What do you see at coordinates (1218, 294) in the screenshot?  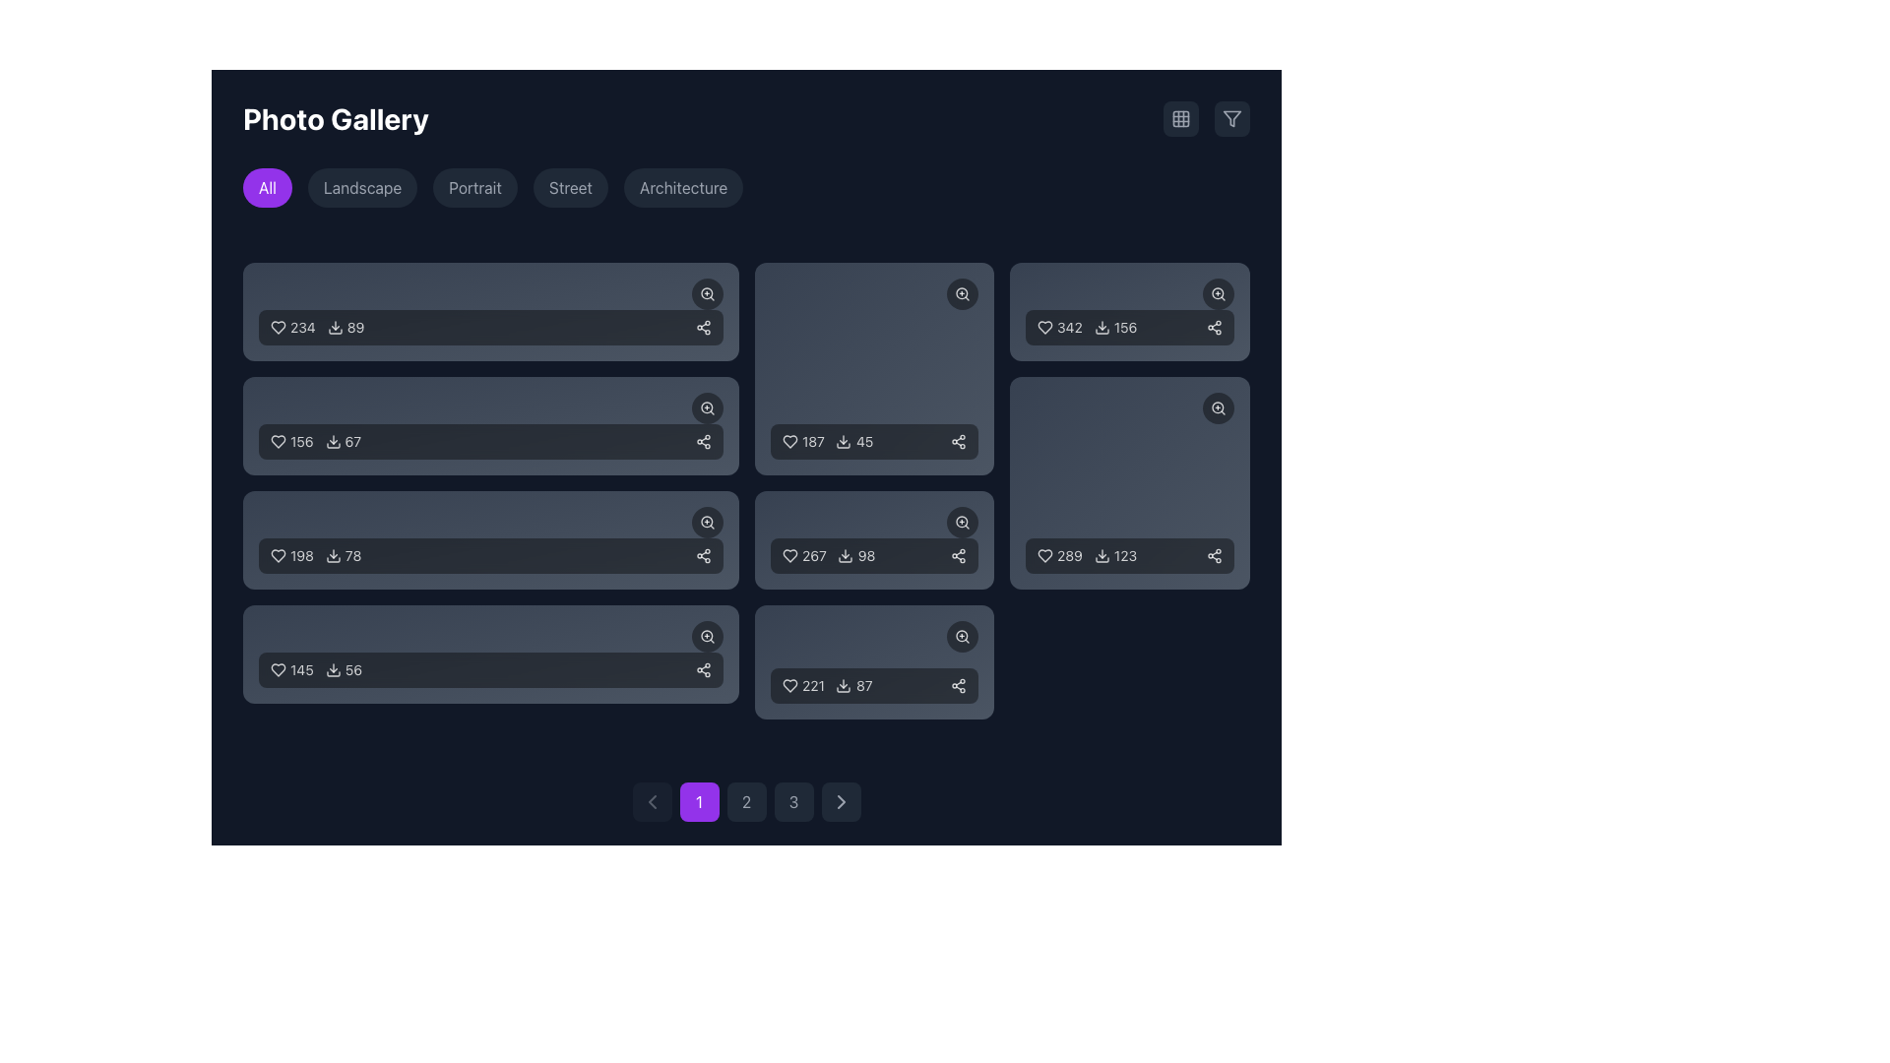 I see `the circular button with a magnifying glass icon located at the top-right corner of the statistics card to change its appearance` at bounding box center [1218, 294].